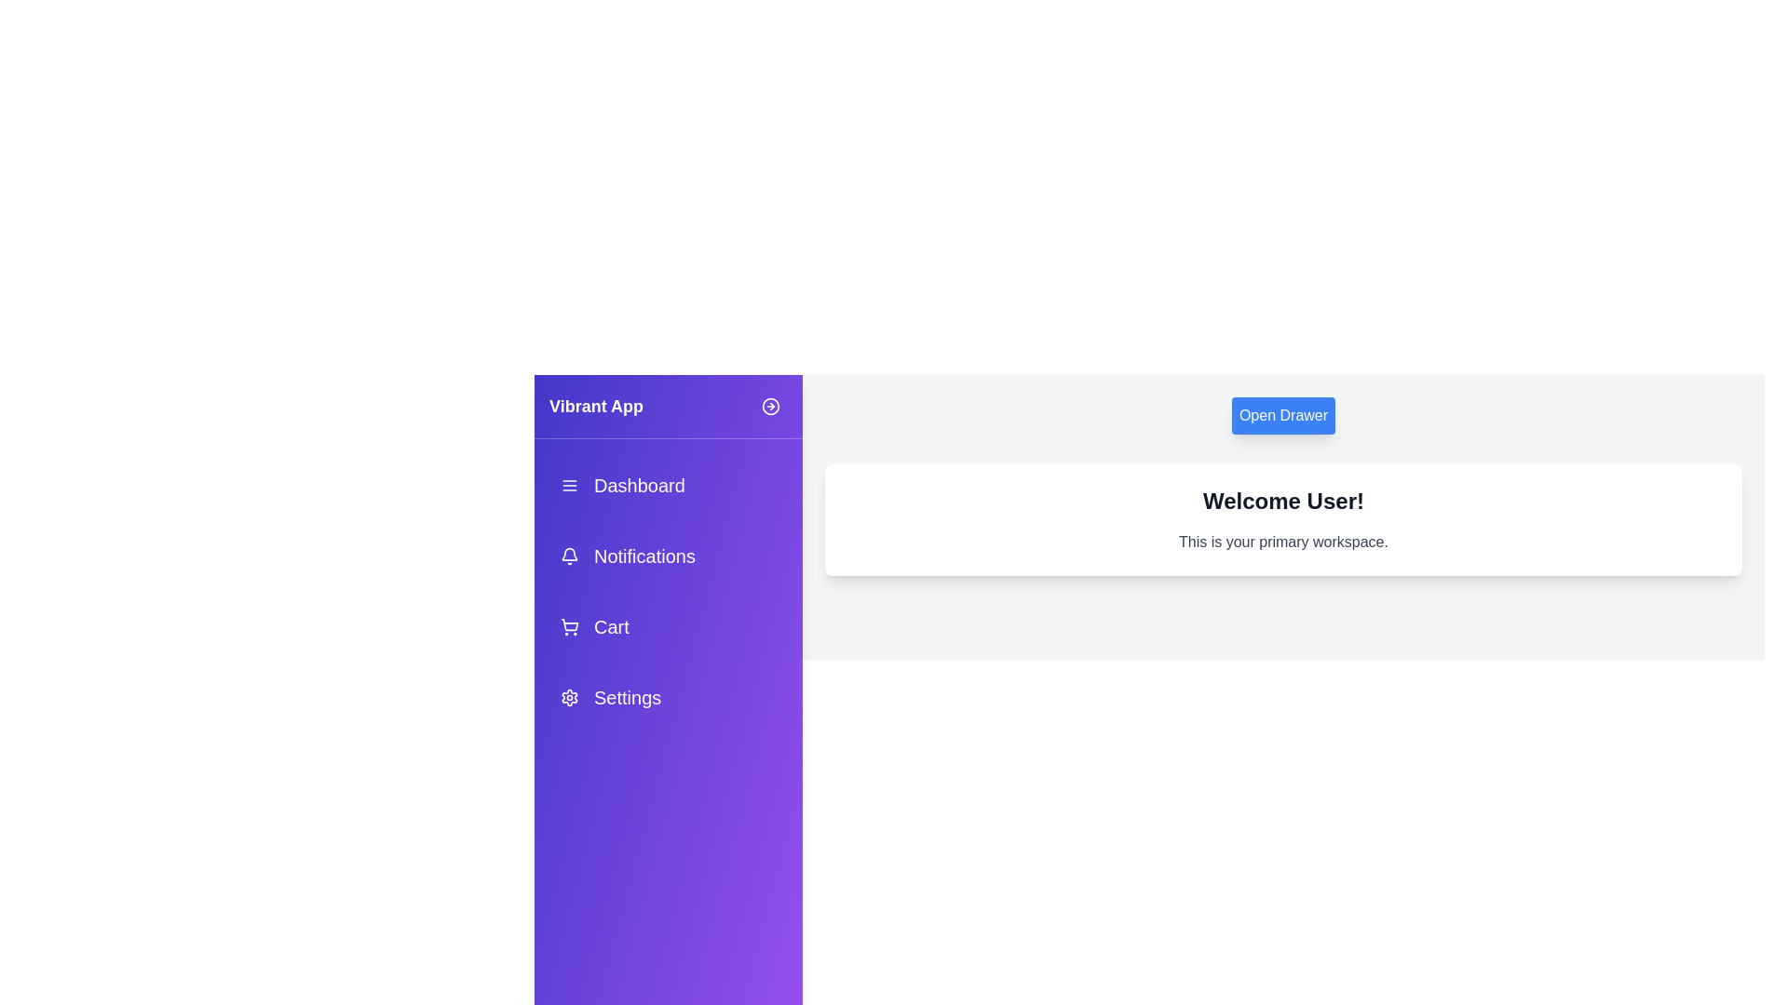 The width and height of the screenshot is (1788, 1005). What do you see at coordinates (669, 627) in the screenshot?
I see `the menu item Cart from the drawer` at bounding box center [669, 627].